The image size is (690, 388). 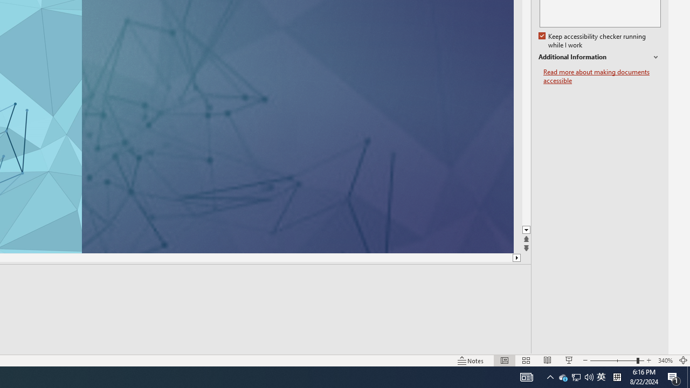 I want to click on 'Keep accessibility checker running while I work', so click(x=592, y=40).